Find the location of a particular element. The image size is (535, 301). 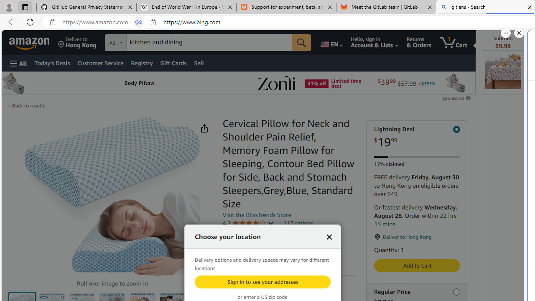

'1 item in cart' is located at coordinates (453, 42).